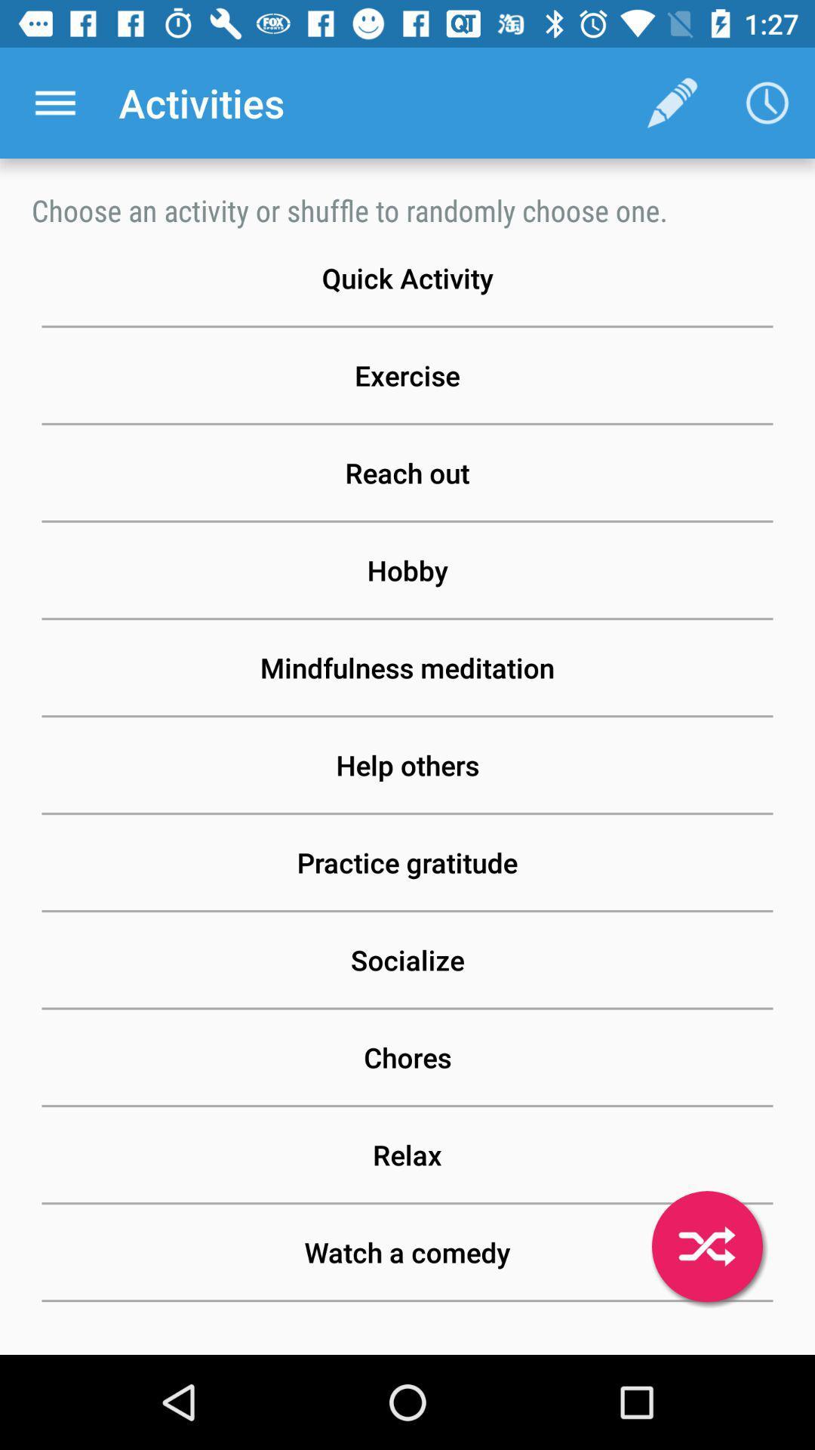  What do you see at coordinates (407, 472) in the screenshot?
I see `the reach out` at bounding box center [407, 472].